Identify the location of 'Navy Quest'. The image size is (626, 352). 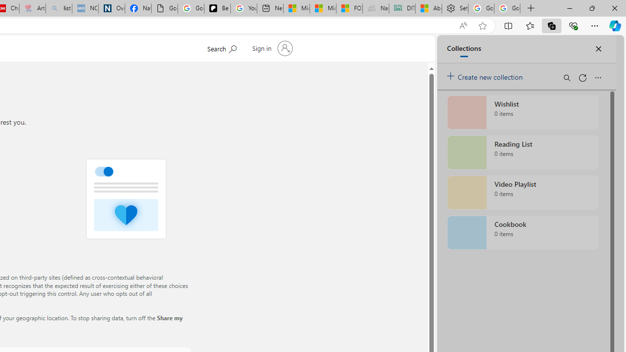
(375, 8).